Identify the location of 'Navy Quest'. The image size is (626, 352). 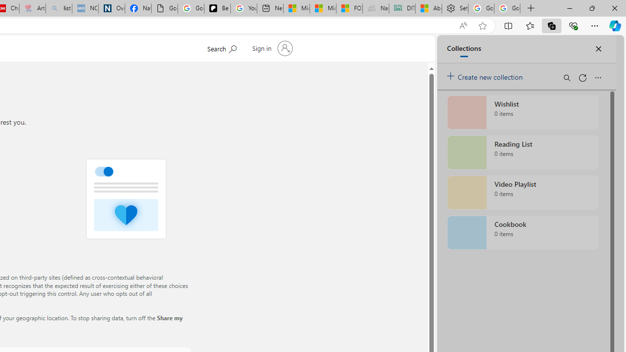
(375, 8).